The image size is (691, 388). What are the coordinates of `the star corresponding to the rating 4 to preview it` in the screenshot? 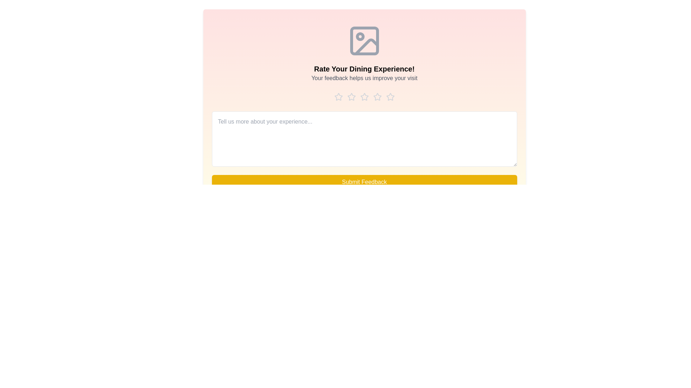 It's located at (377, 97).